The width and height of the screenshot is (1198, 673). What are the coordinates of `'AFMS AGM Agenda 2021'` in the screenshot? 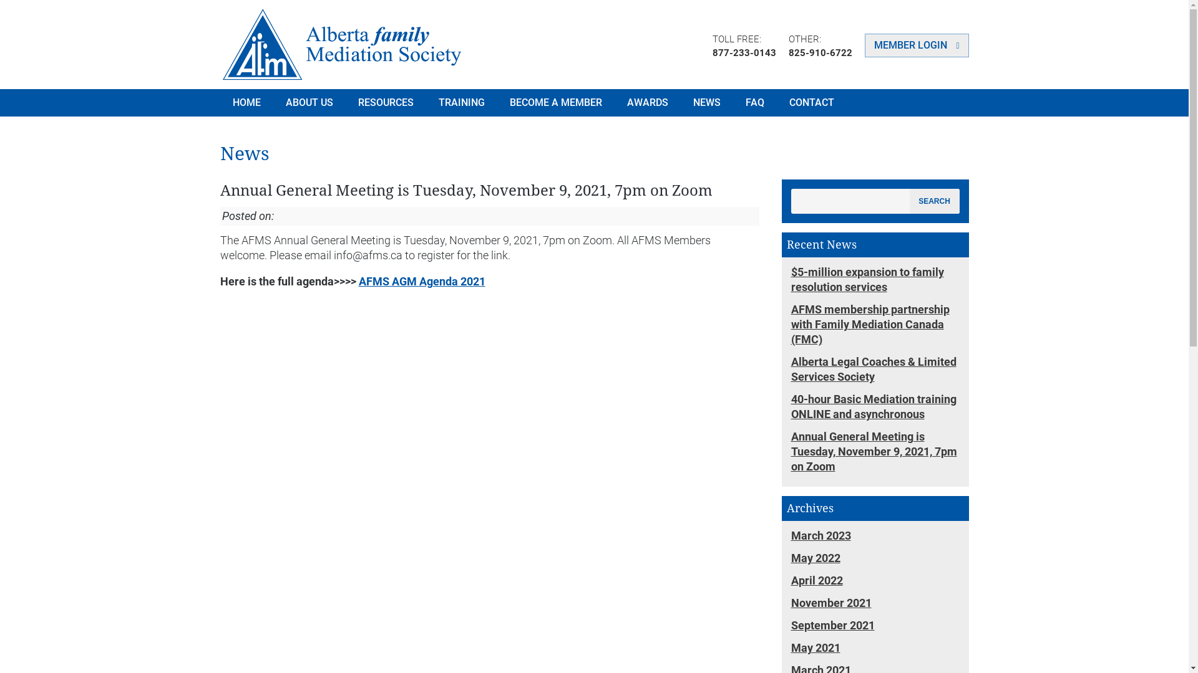 It's located at (421, 281).